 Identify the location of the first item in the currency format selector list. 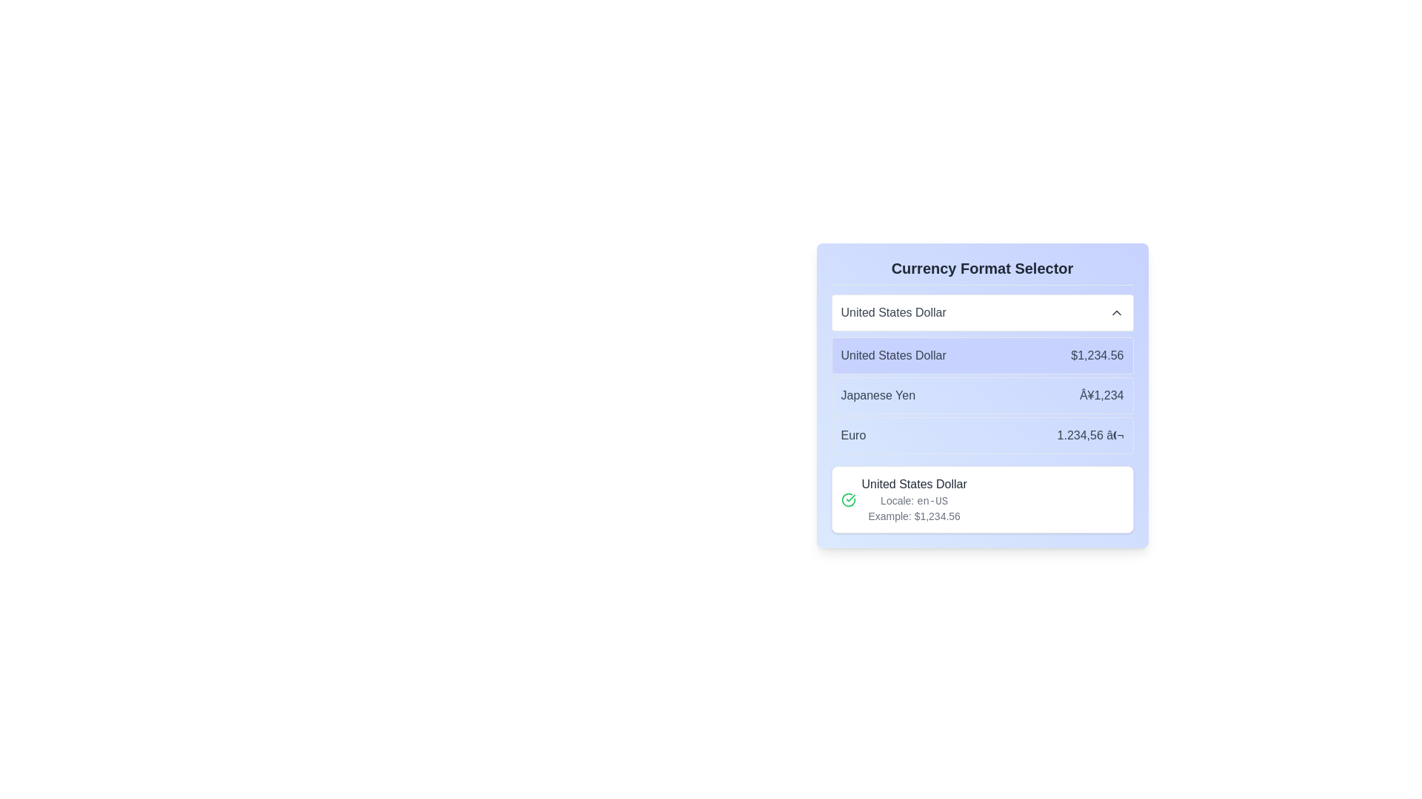
(982, 356).